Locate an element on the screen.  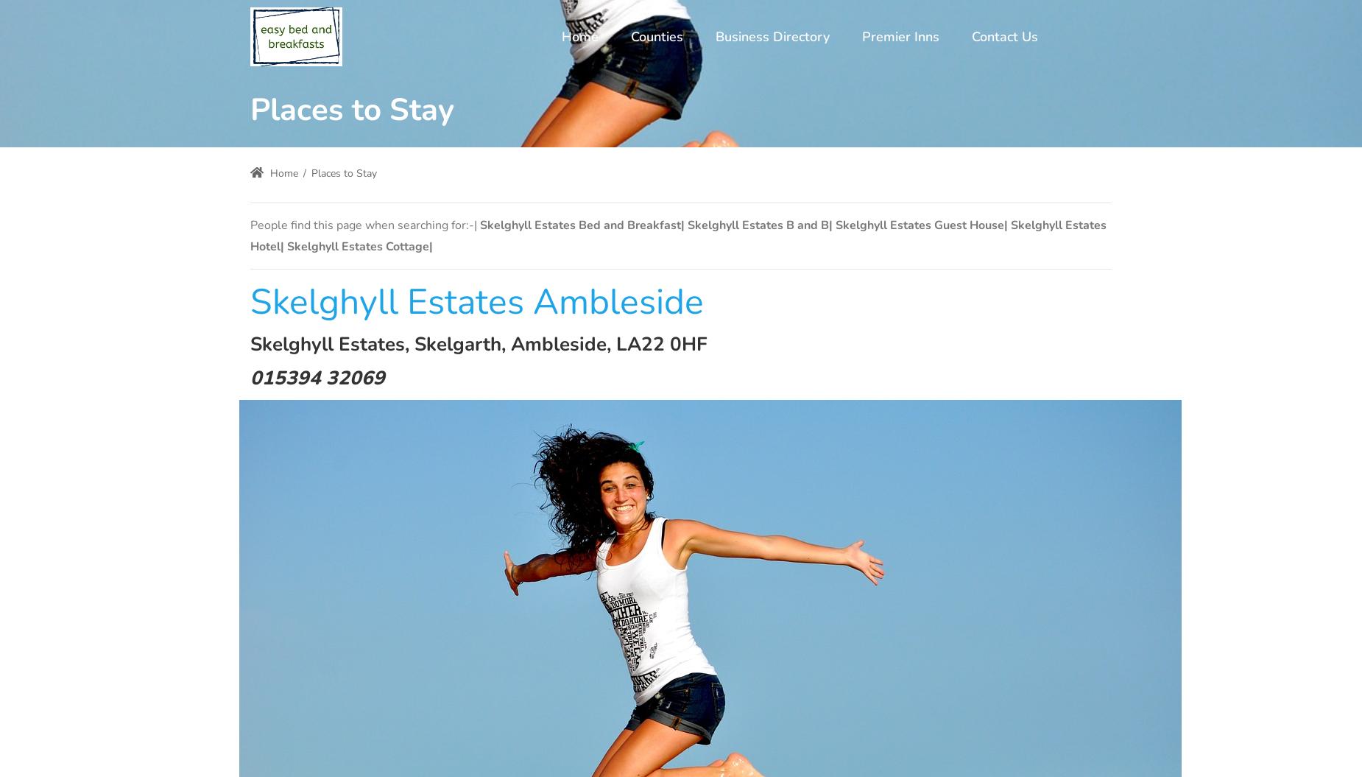
'Skelghyll Estates Ambleside' is located at coordinates (477, 301).